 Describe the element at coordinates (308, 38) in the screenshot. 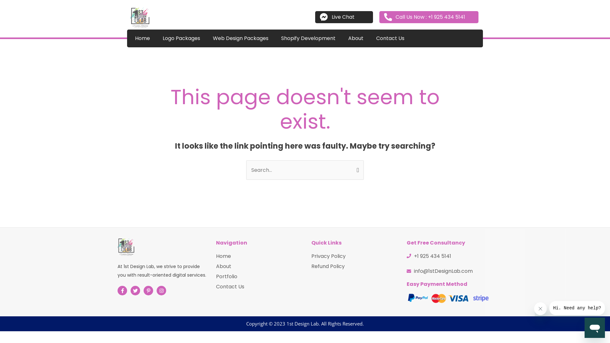

I see `'Shopify Development'` at that location.